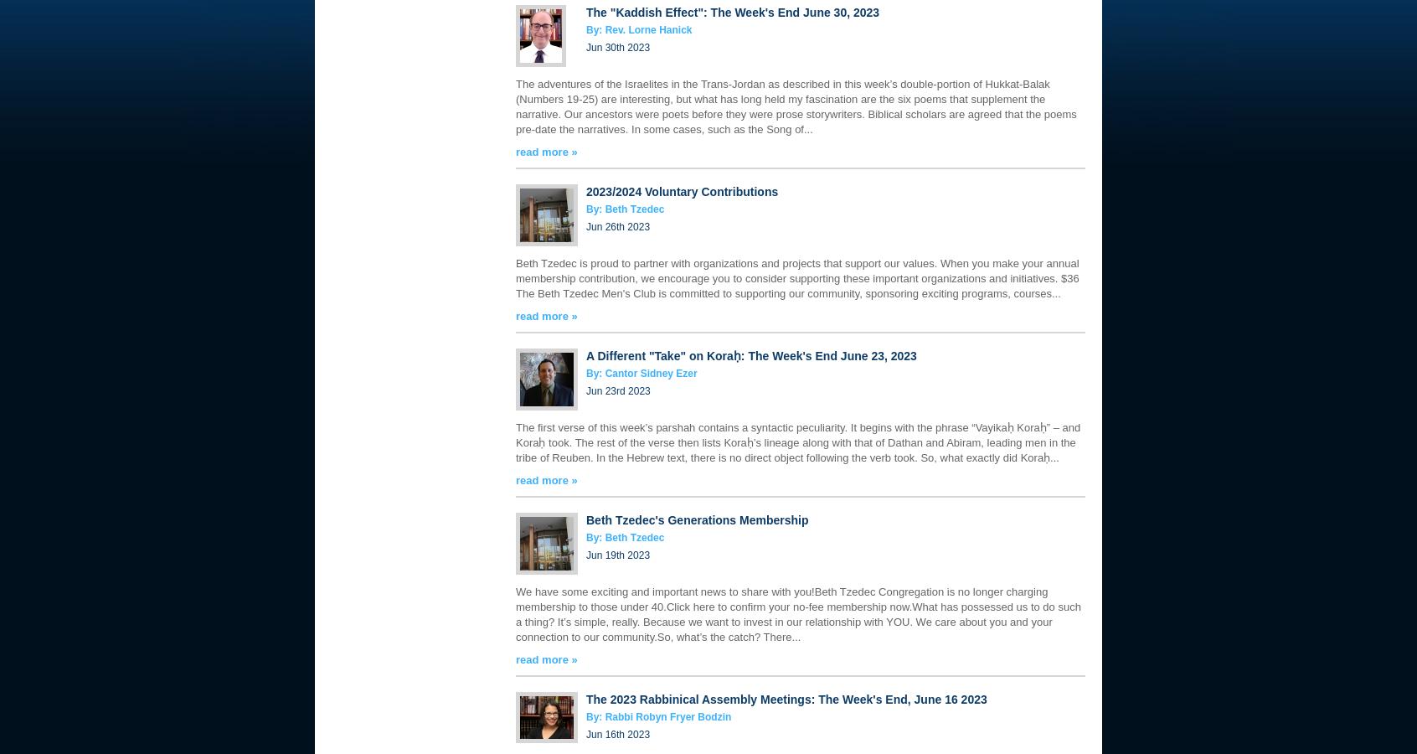 This screenshot has width=1417, height=754. Describe the element at coordinates (585, 734) in the screenshot. I see `'Jun 16th 2023'` at that location.